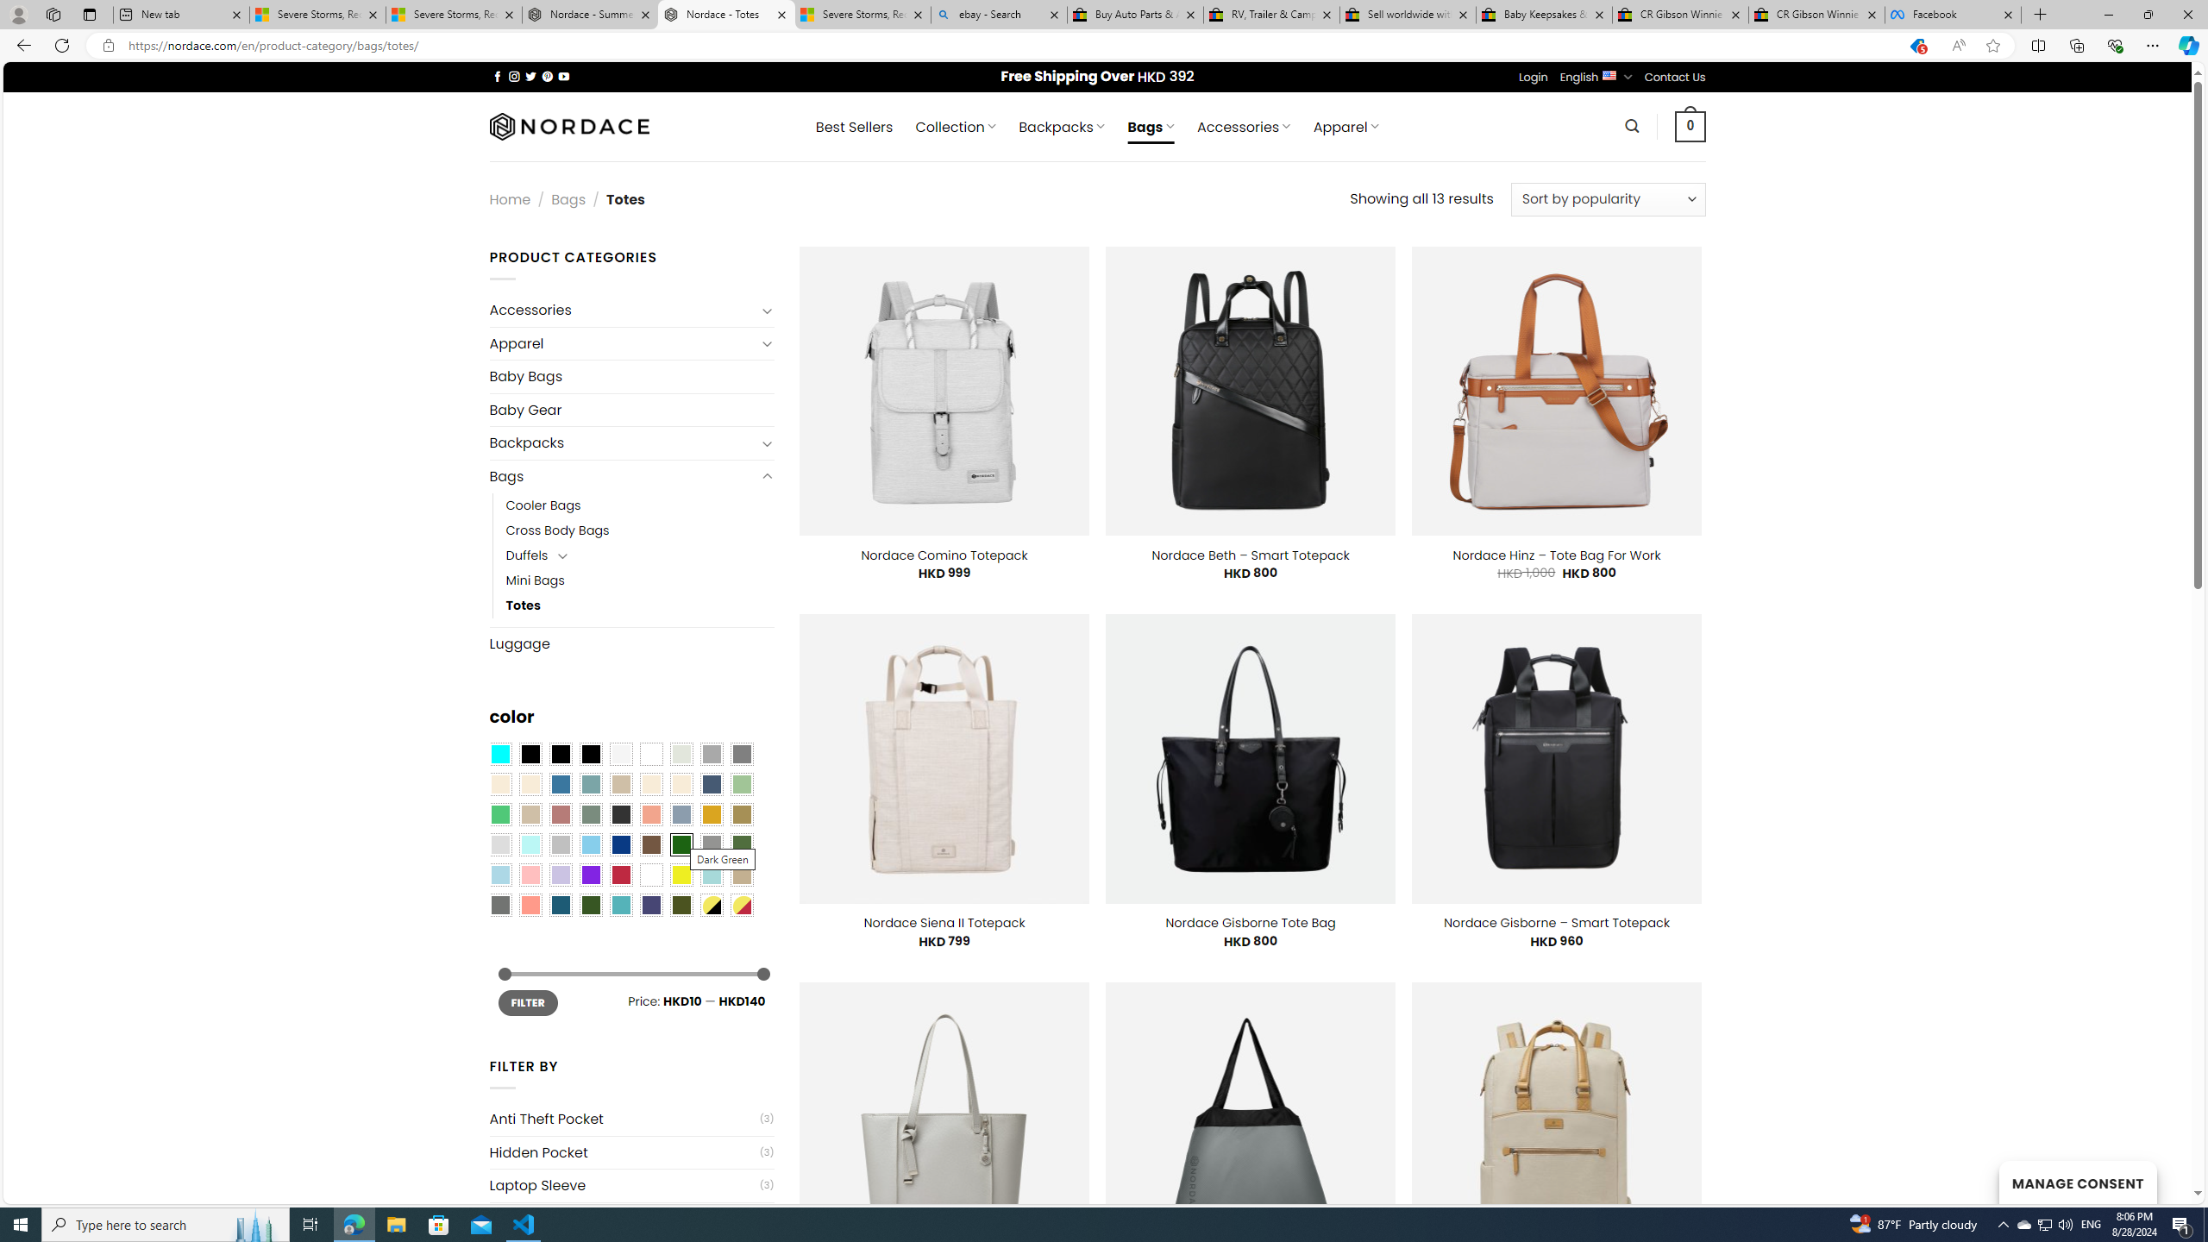  I want to click on 'Baby Bags', so click(630, 376).